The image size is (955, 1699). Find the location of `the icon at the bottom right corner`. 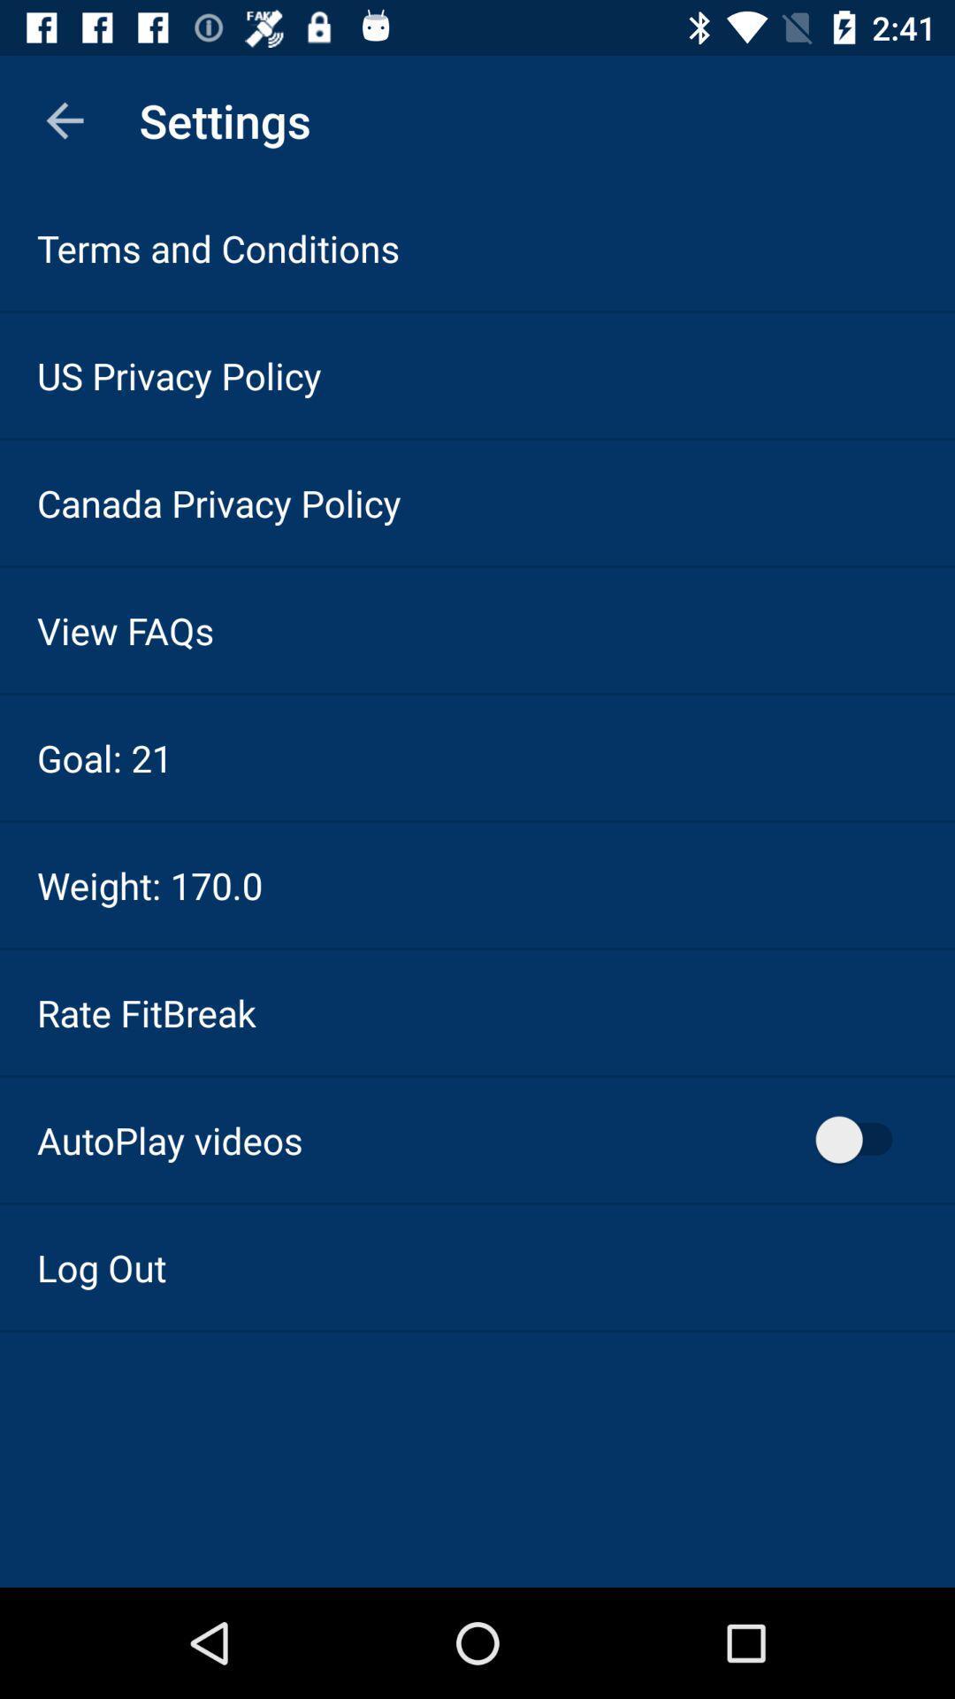

the icon at the bottom right corner is located at coordinates (861, 1140).